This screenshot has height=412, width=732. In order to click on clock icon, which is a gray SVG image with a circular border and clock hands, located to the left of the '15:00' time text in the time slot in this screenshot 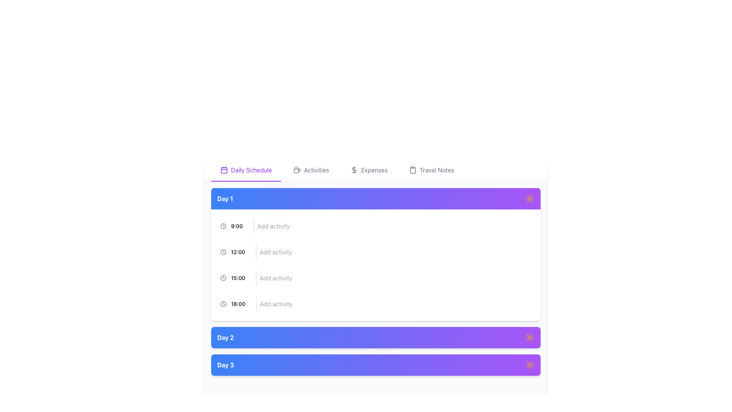, I will do `click(223, 278)`.